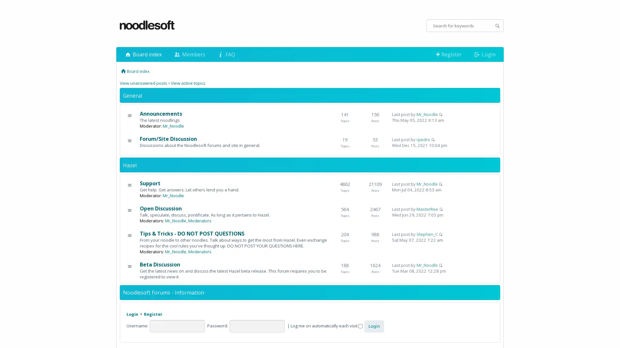 The width and height of the screenshot is (620, 348). I want to click on Login, so click(374, 326).